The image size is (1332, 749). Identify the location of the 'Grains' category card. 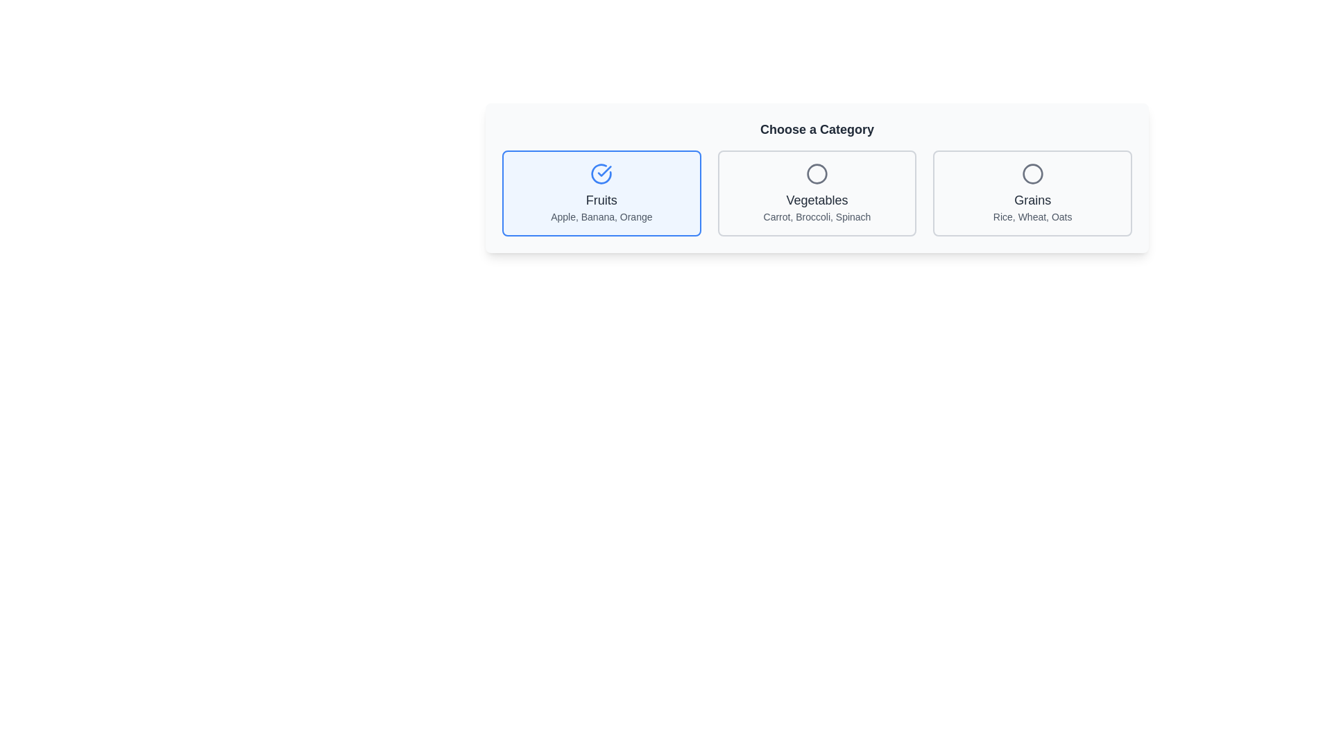
(1032, 193).